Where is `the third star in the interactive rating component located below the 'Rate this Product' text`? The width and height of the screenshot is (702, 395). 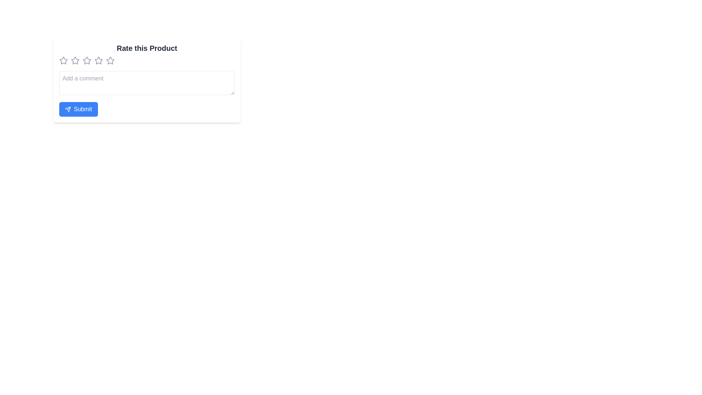 the third star in the interactive rating component located below the 'Rate this Product' text is located at coordinates (87, 60).